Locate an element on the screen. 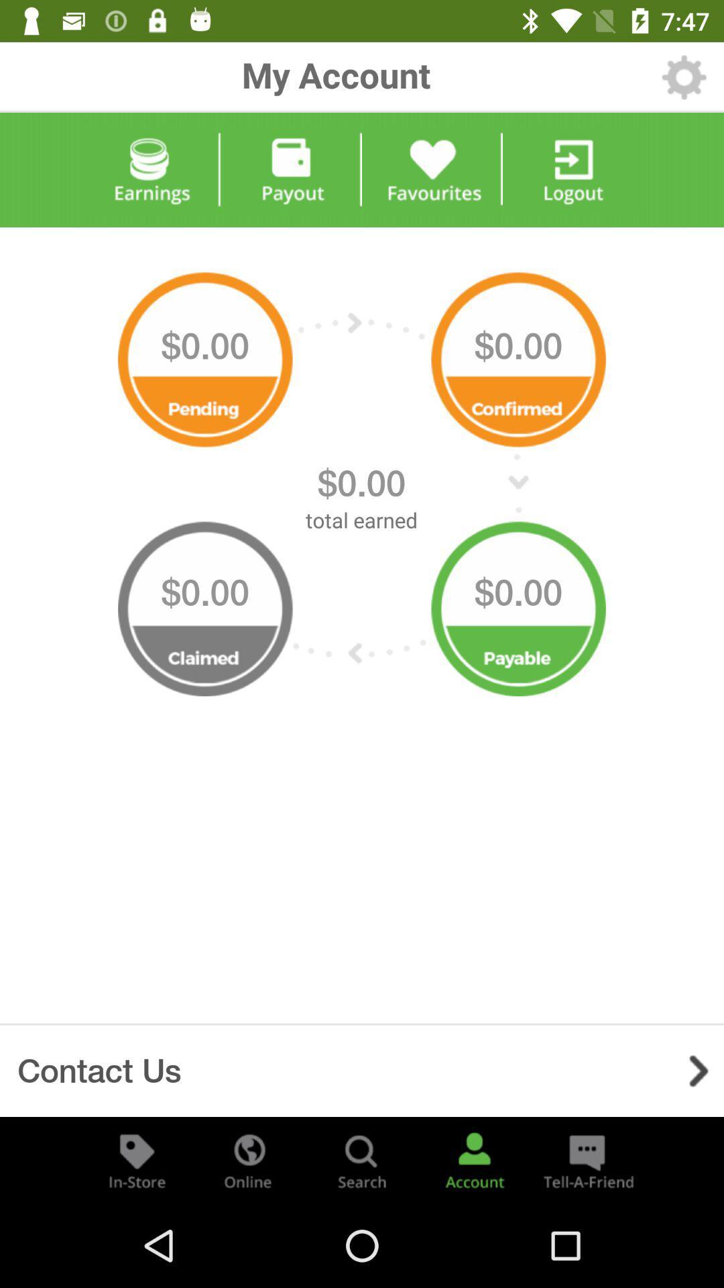 The height and width of the screenshot is (1288, 724). tellafriend is located at coordinates (586, 1159).